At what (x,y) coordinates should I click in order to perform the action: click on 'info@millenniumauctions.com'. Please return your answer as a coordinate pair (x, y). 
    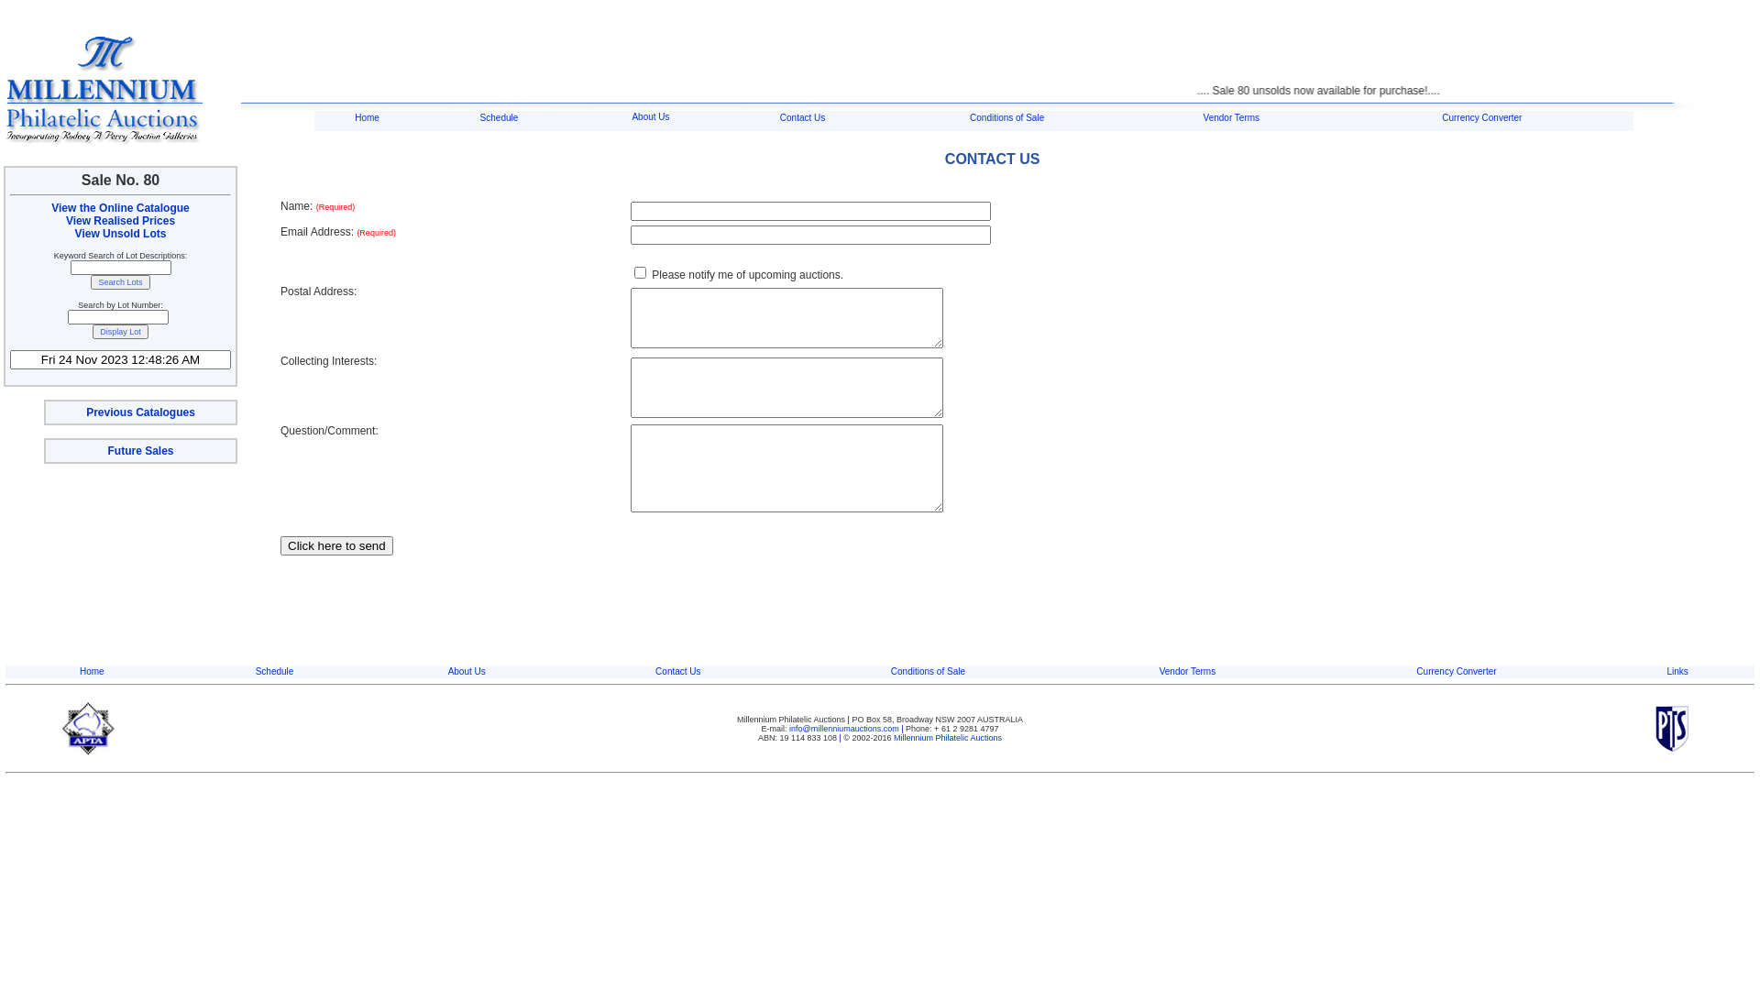
    Looking at the image, I should click on (788, 727).